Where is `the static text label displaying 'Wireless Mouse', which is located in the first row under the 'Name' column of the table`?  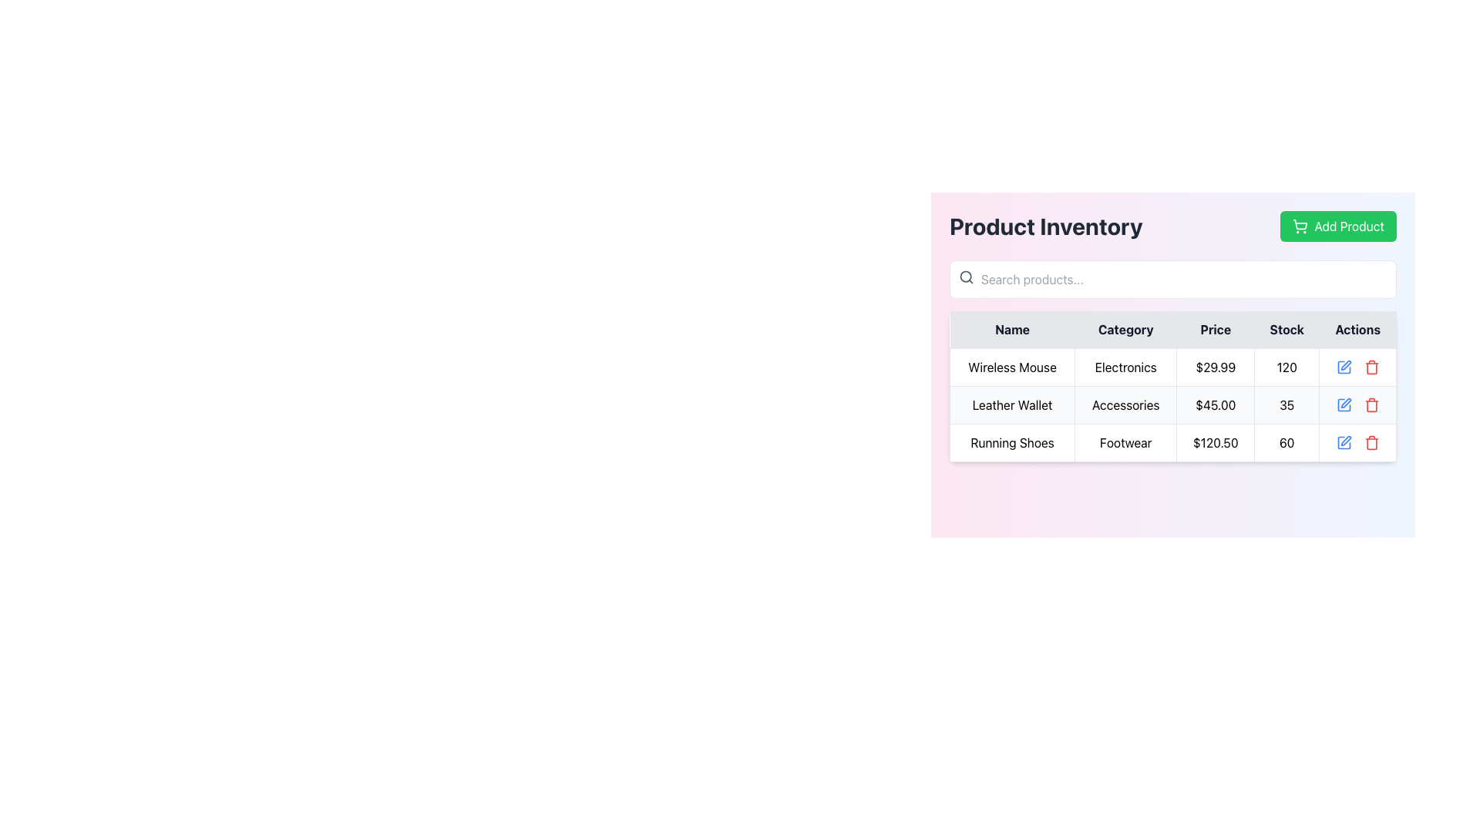 the static text label displaying 'Wireless Mouse', which is located in the first row under the 'Name' column of the table is located at coordinates (1012, 367).